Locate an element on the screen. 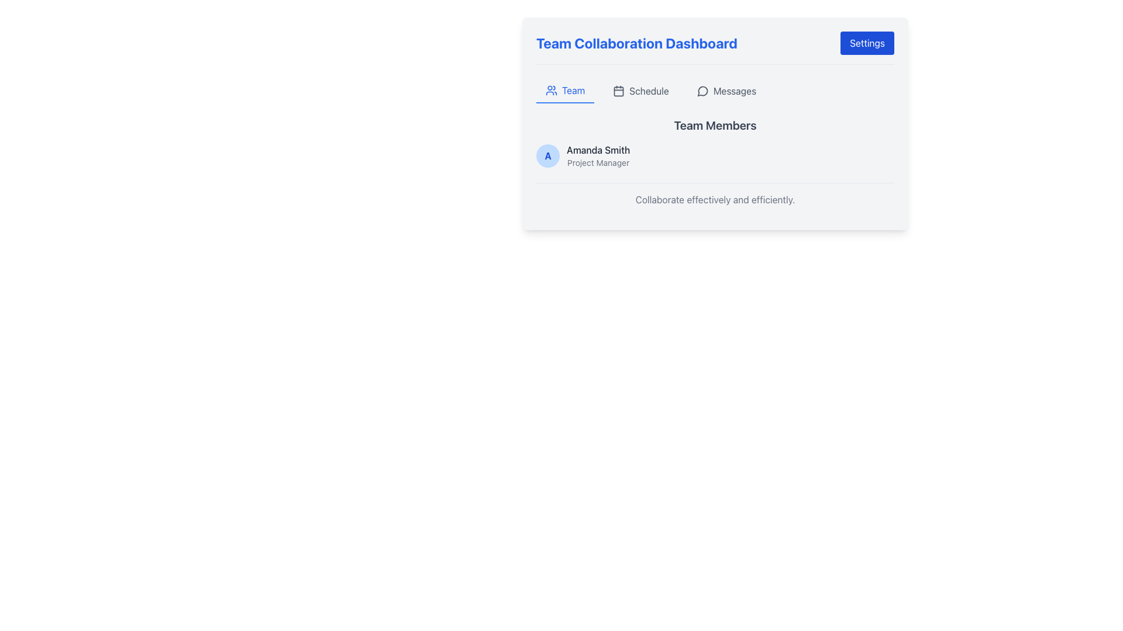 This screenshot has height=631, width=1123. the avatar representing Amanda Smith, which is located at the leftmost part of a horizontal group containing her textual details is located at coordinates (547, 155).